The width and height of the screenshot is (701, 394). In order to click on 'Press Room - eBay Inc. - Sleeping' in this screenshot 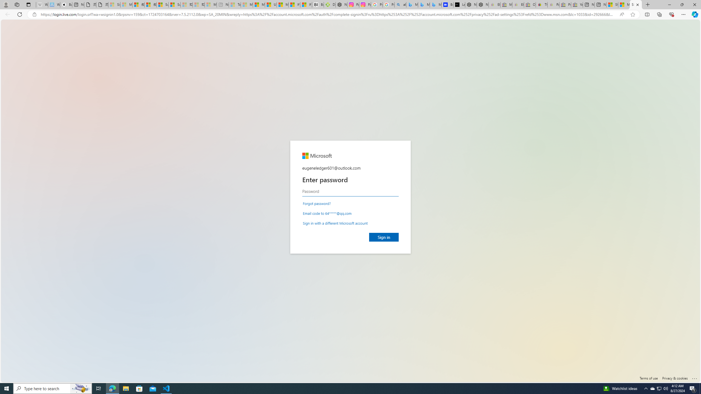, I will do `click(565, 4)`.